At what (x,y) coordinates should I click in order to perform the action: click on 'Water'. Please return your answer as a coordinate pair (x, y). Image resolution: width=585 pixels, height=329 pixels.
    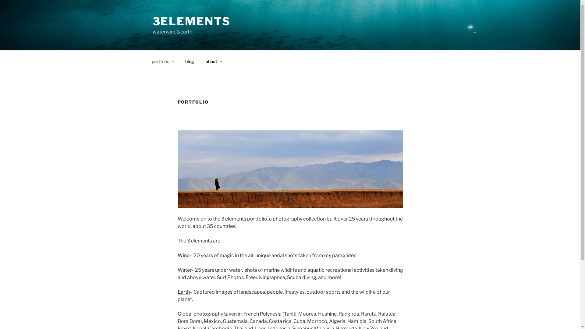
    Looking at the image, I should click on (177, 270).